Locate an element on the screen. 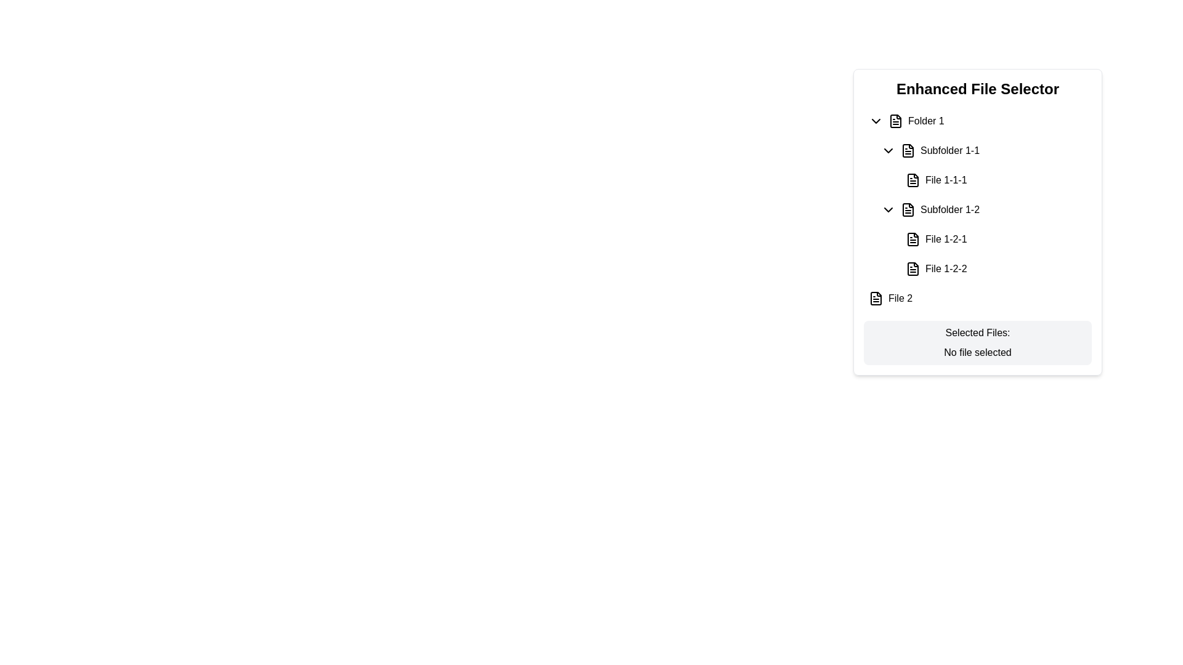 The height and width of the screenshot is (665, 1183). to select a file in the hierarchical file selector widget located underneath the title 'Enhanced File Selector' is located at coordinates (977, 209).